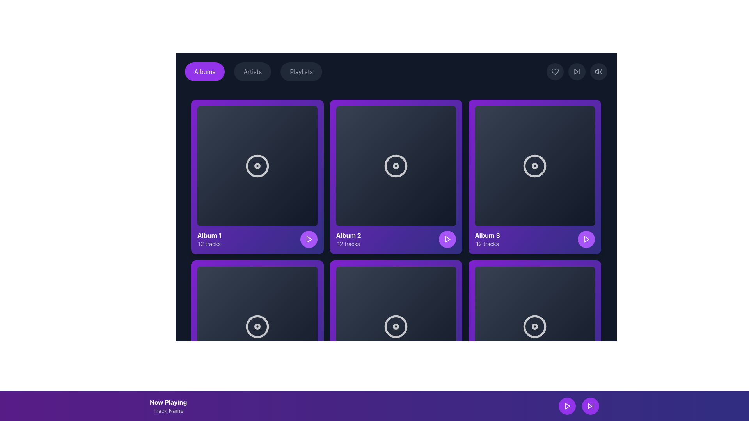 This screenshot has height=421, width=749. What do you see at coordinates (534, 165) in the screenshot?
I see `the inner circle of the central disc icon located in the third card of the top row in the 'Albums' section` at bounding box center [534, 165].